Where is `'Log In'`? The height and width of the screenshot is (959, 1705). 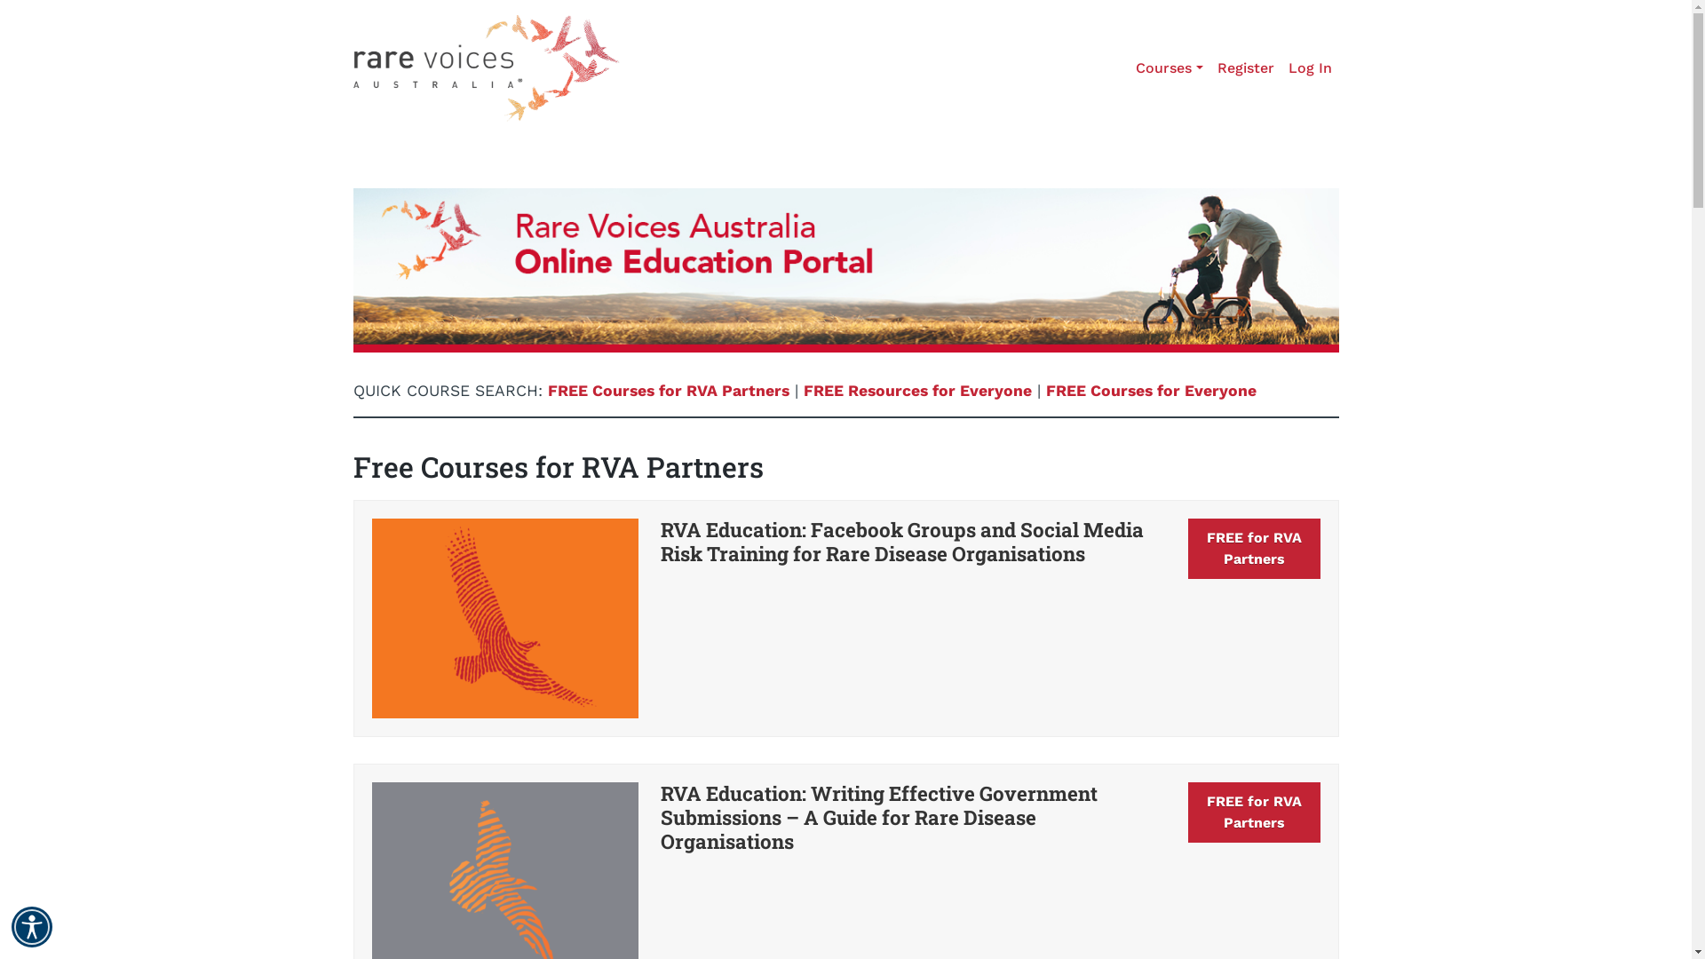 'Log In' is located at coordinates (1309, 67).